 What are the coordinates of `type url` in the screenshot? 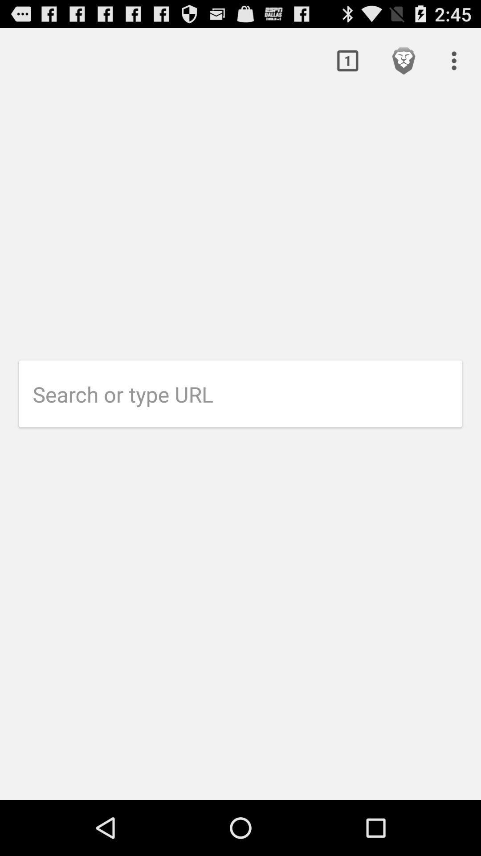 It's located at (247, 394).